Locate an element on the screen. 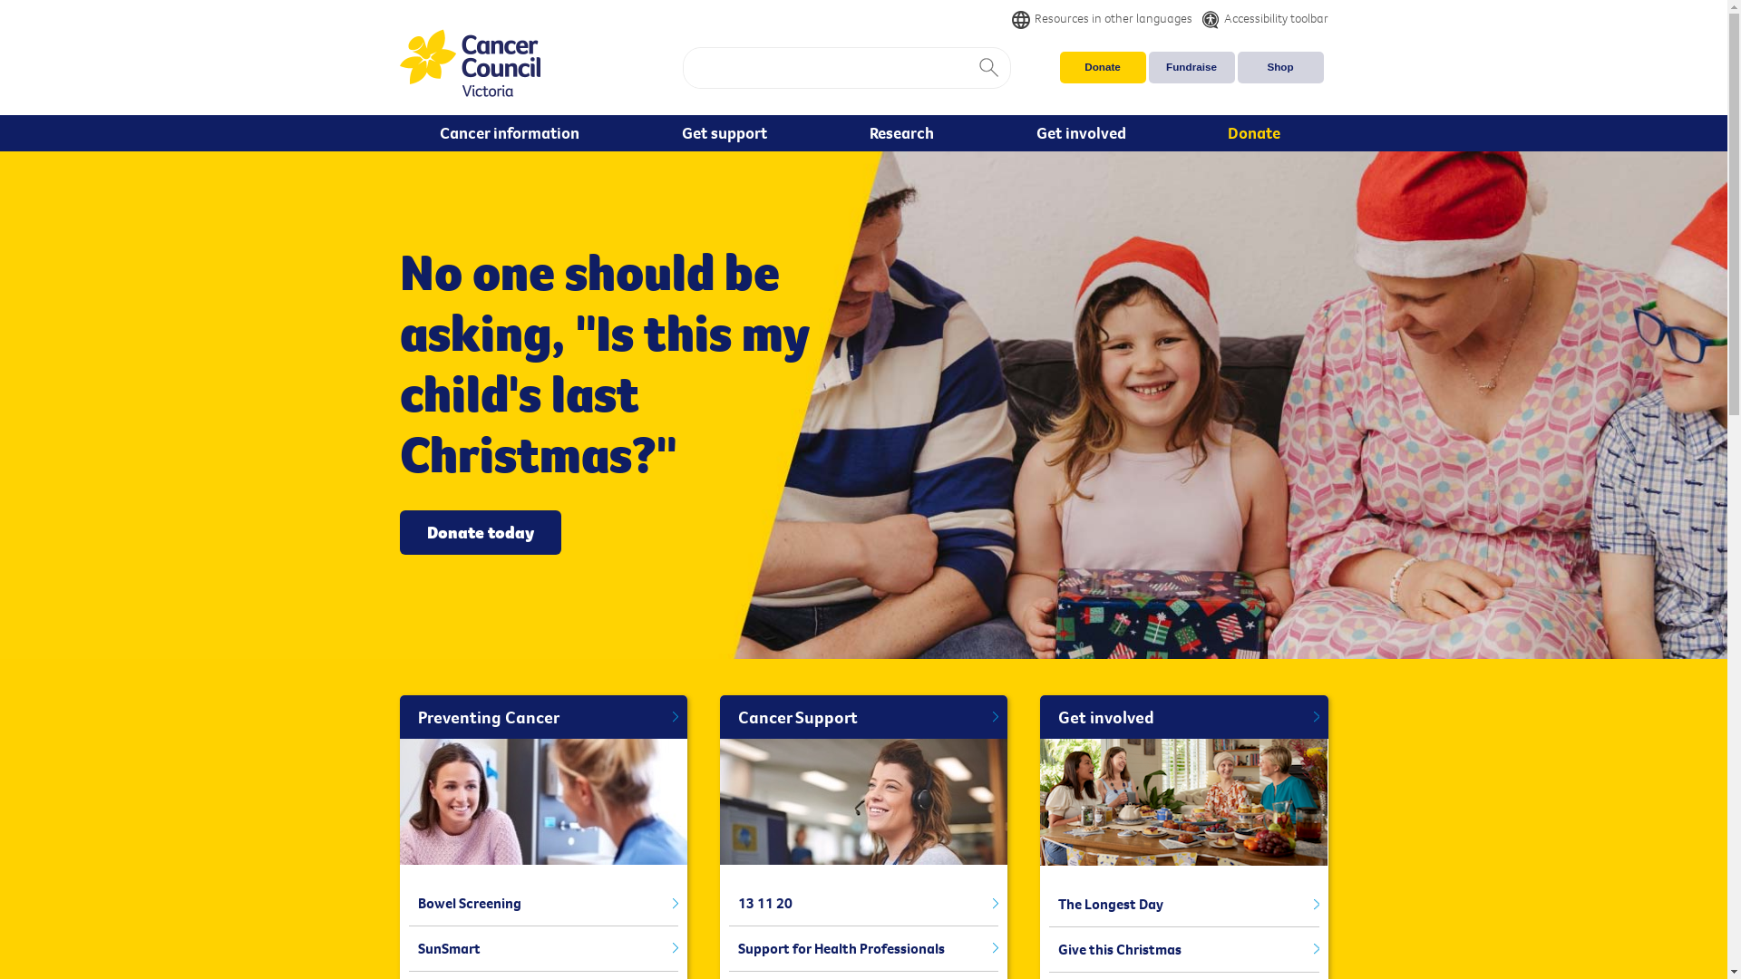 This screenshot has height=979, width=1741. 'Accessibility toolbar' is located at coordinates (1258, 17).